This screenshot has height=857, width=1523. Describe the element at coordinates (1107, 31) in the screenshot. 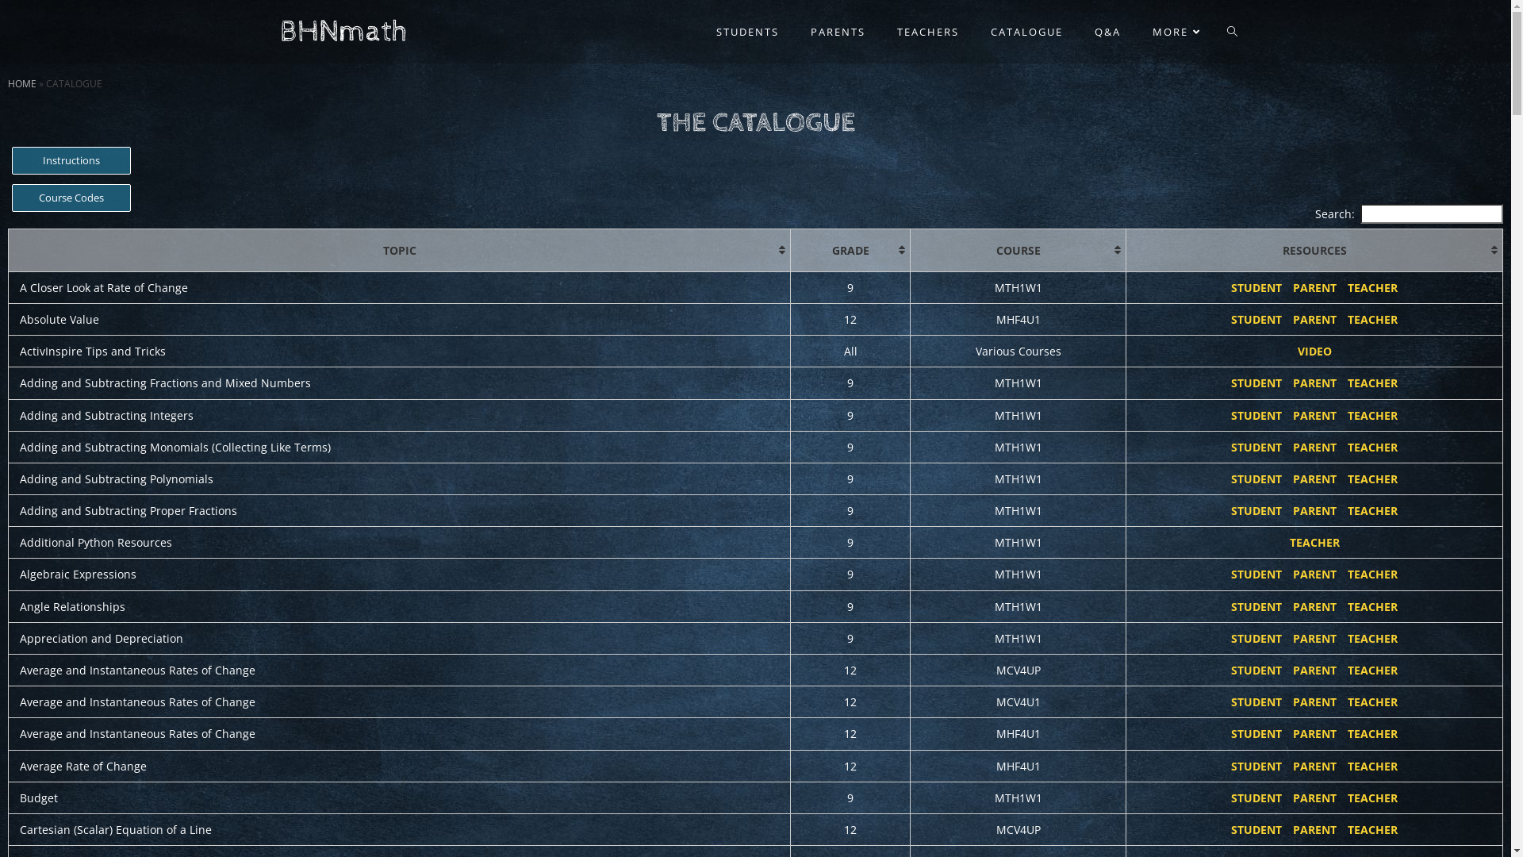

I see `'Q&A'` at that location.